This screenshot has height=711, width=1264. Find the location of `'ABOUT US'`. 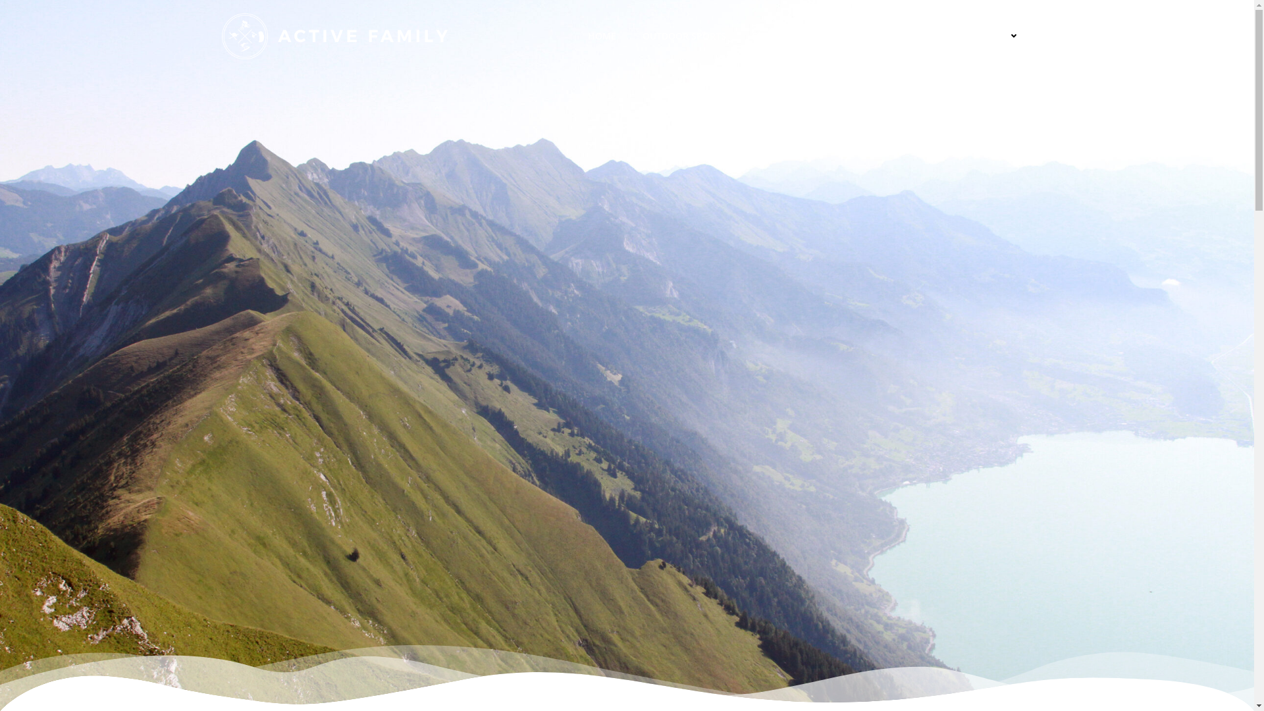

'ABOUT US' is located at coordinates (991, 35).